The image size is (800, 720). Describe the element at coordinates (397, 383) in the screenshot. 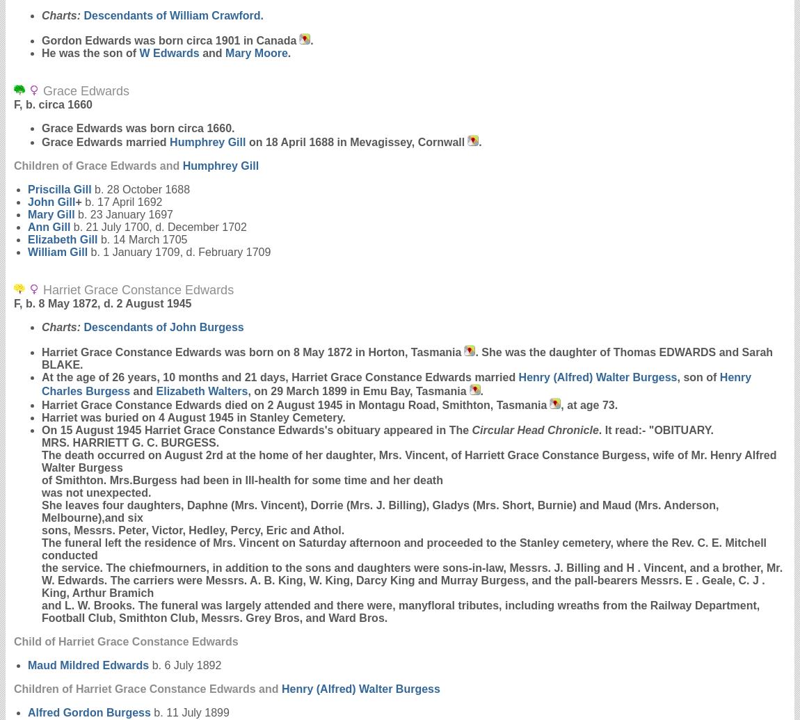

I see `'Henry Charles'` at that location.